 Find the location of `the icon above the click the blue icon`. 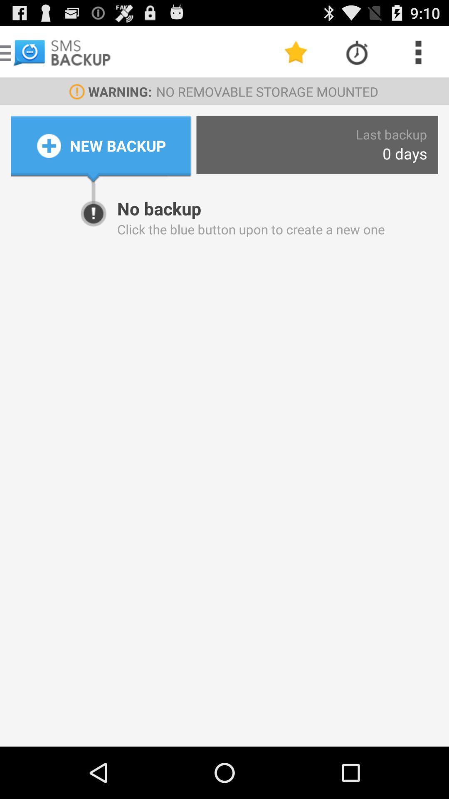

the icon above the click the blue icon is located at coordinates (404, 154).